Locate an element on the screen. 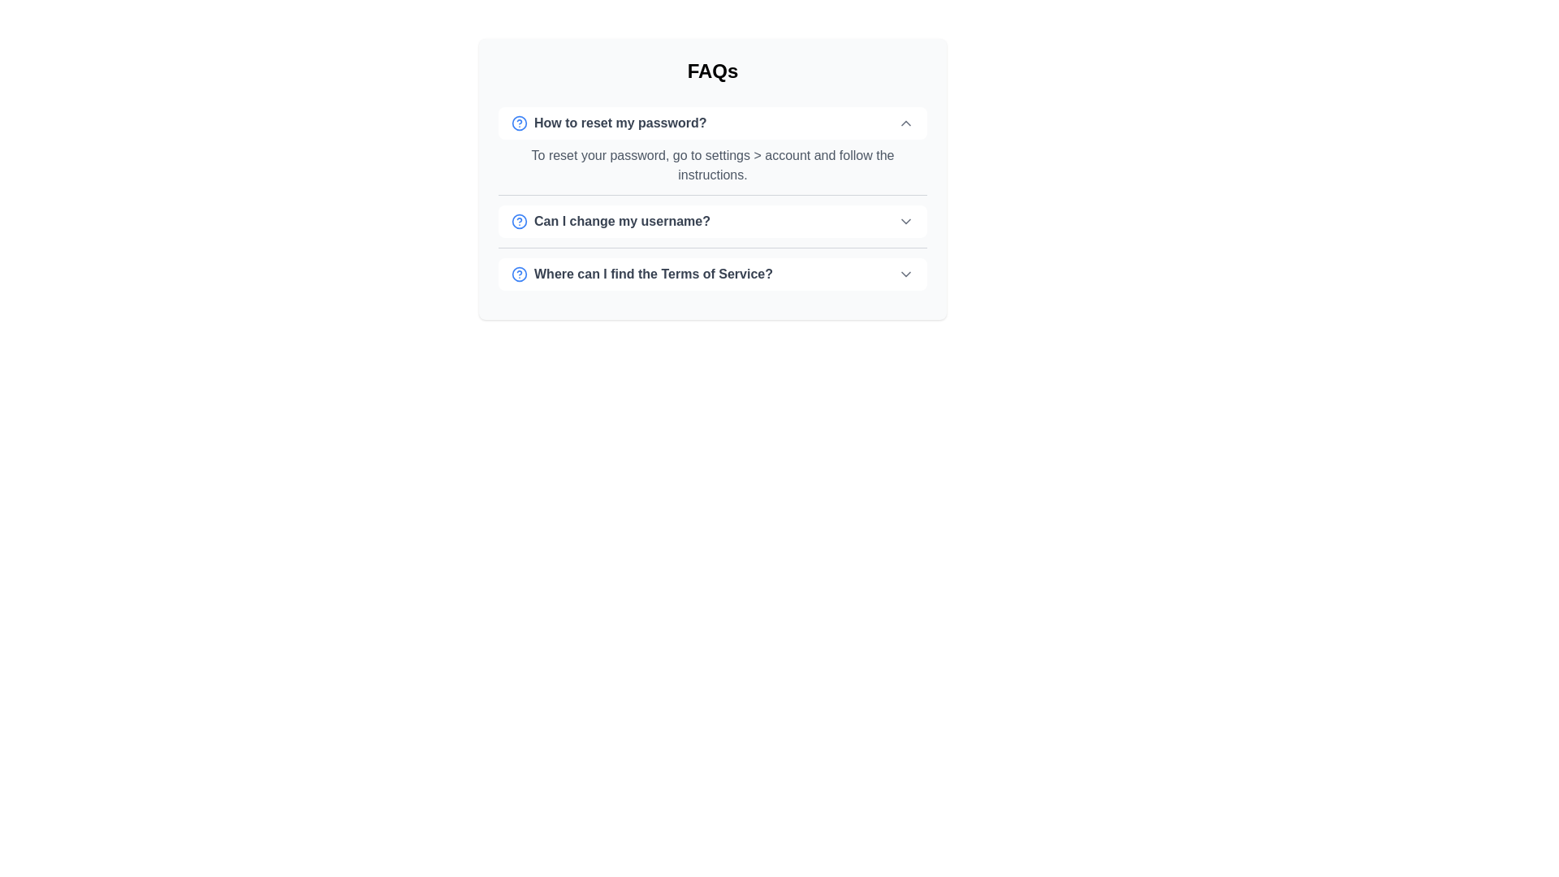 The image size is (1559, 877). the upward-pointing gray chevron icon located to the right of the text in the 'How to reset my password?' row in the FAQ section is located at coordinates (905, 122).